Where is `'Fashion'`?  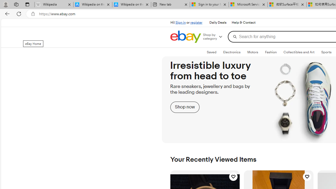
'Fashion' is located at coordinates (271, 52).